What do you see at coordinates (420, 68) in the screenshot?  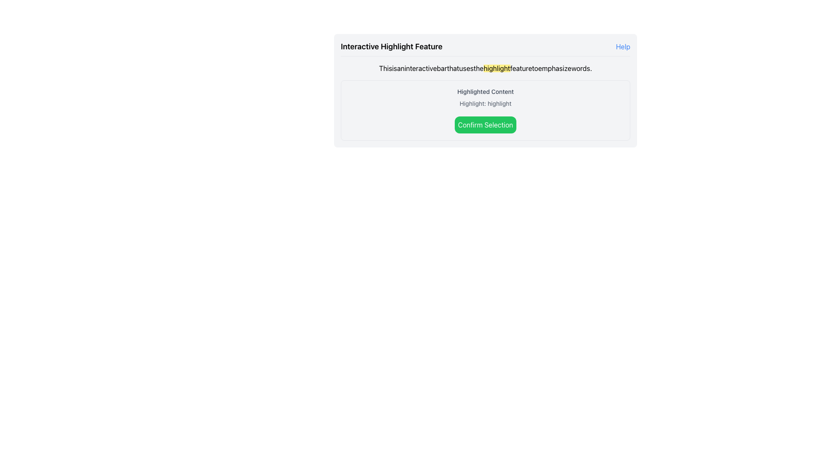 I see `the Text element containing the word 'interactive' in the sentence 'This is an interactive bar that uses the highlight feature to emphasize words.'` at bounding box center [420, 68].